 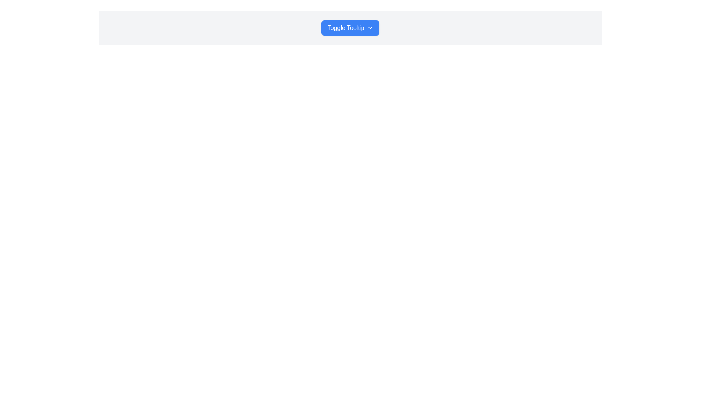 I want to click on the dropdown icon located to the right of the 'Toggle Tooltip' button to expand or retract associated content, so click(x=370, y=27).